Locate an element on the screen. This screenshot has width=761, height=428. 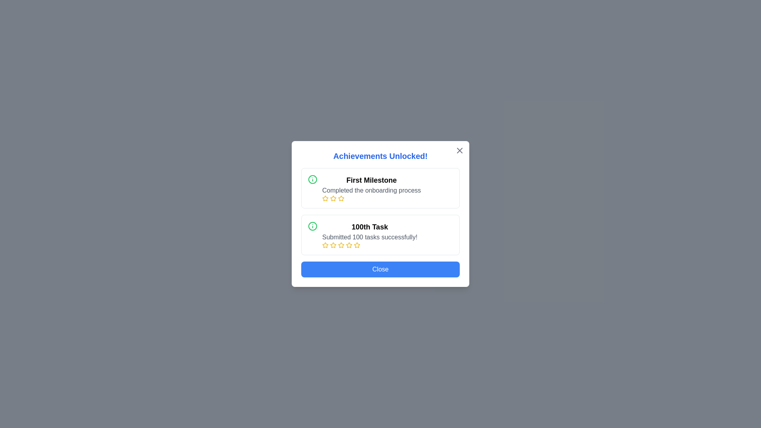
the text label that reads 'First Milestone', which is styled with a bold, larger font and located at the top of the first achievement card in the modal is located at coordinates (371, 180).